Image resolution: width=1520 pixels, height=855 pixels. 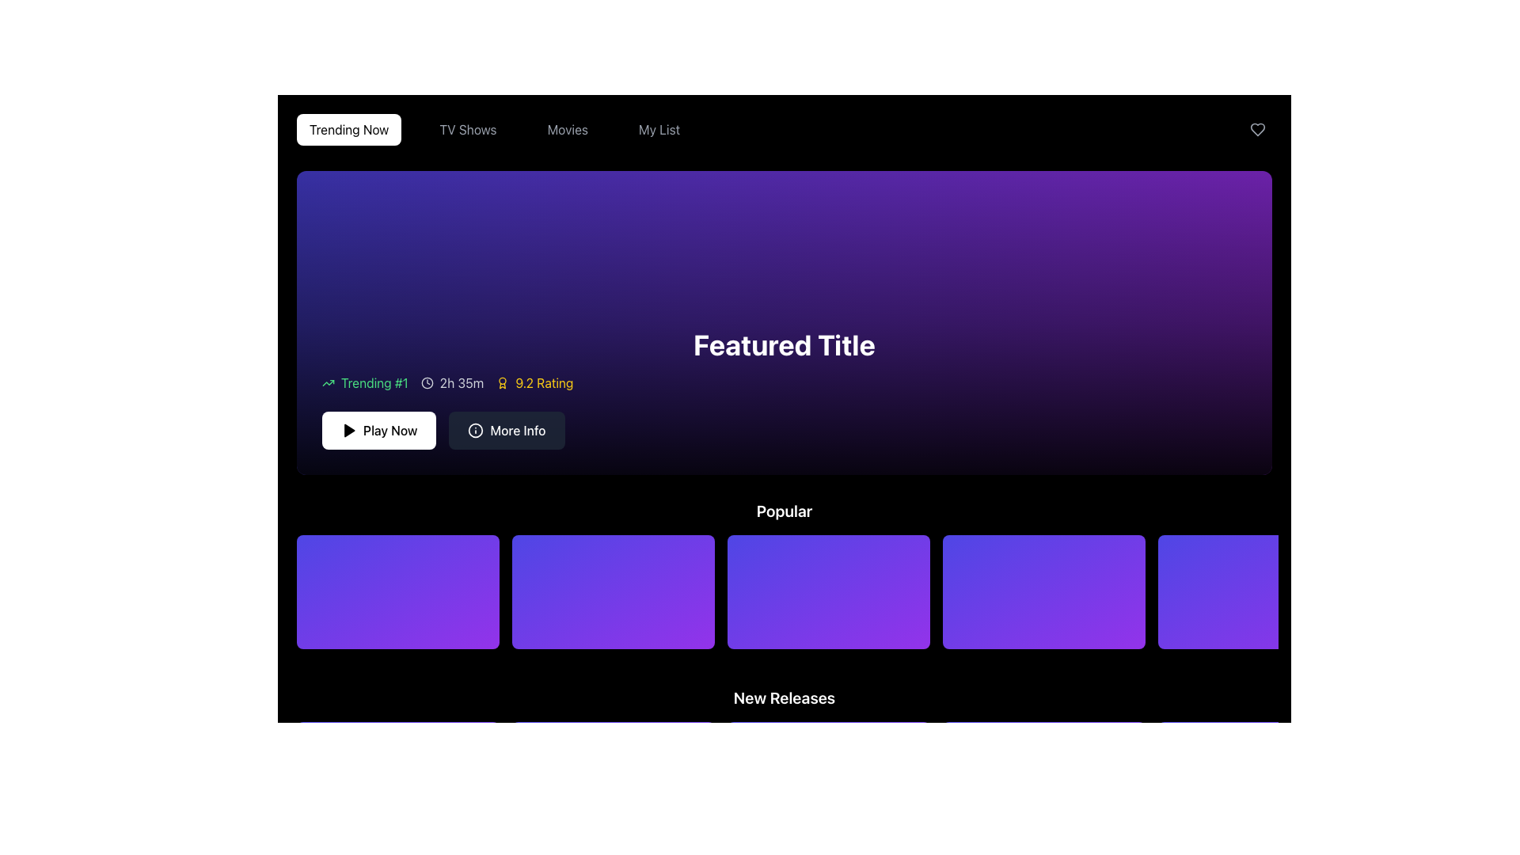 I want to click on the time indicator icon located to the left of the text '2h 35m' in the horizontal row under the title 'Trending #1', so click(x=427, y=382).